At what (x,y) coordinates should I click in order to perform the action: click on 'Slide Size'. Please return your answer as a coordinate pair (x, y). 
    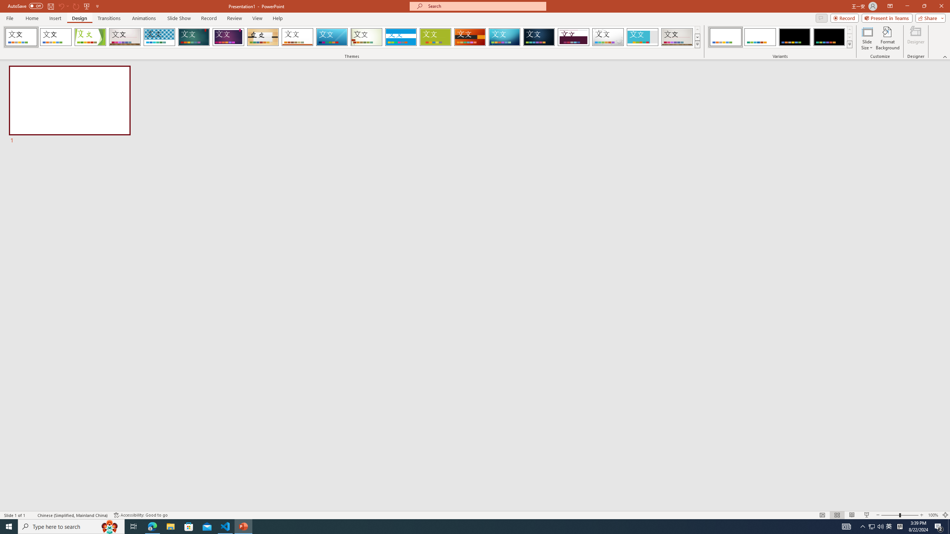
    Looking at the image, I should click on (867, 38).